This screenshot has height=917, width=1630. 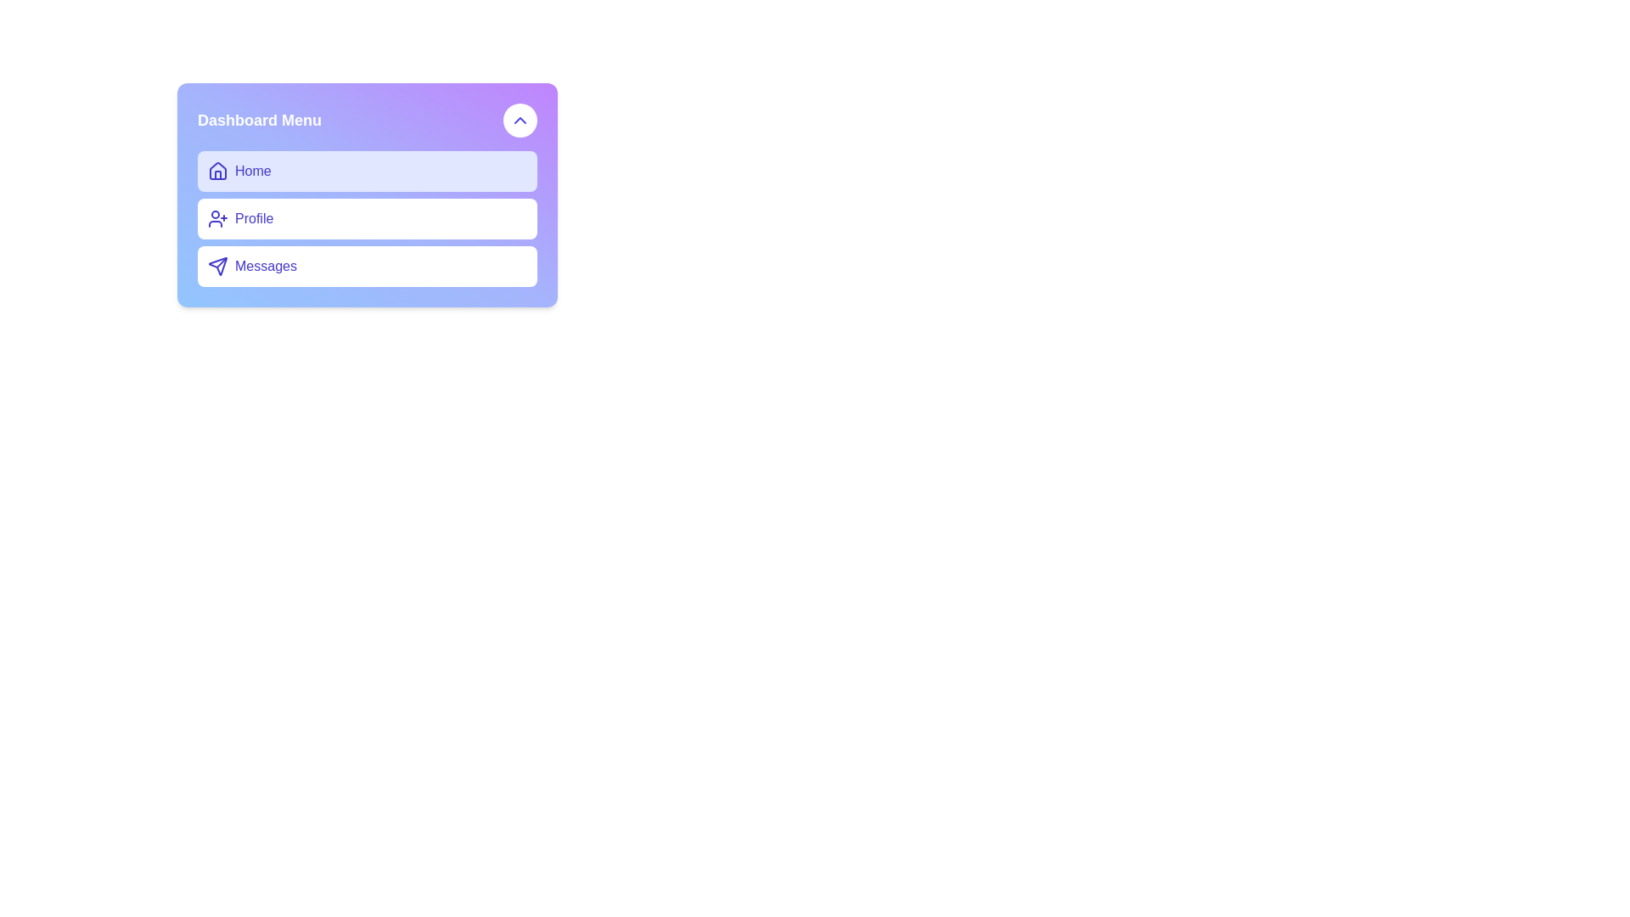 What do you see at coordinates (366, 194) in the screenshot?
I see `the 'Profile' button, which is the second button in a vertically stacked list of three components` at bounding box center [366, 194].